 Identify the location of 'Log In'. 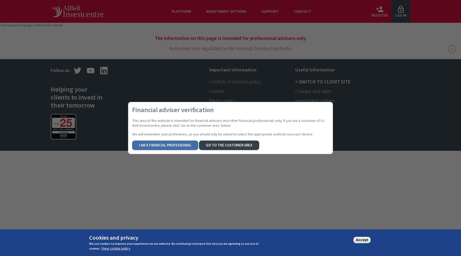
(401, 15).